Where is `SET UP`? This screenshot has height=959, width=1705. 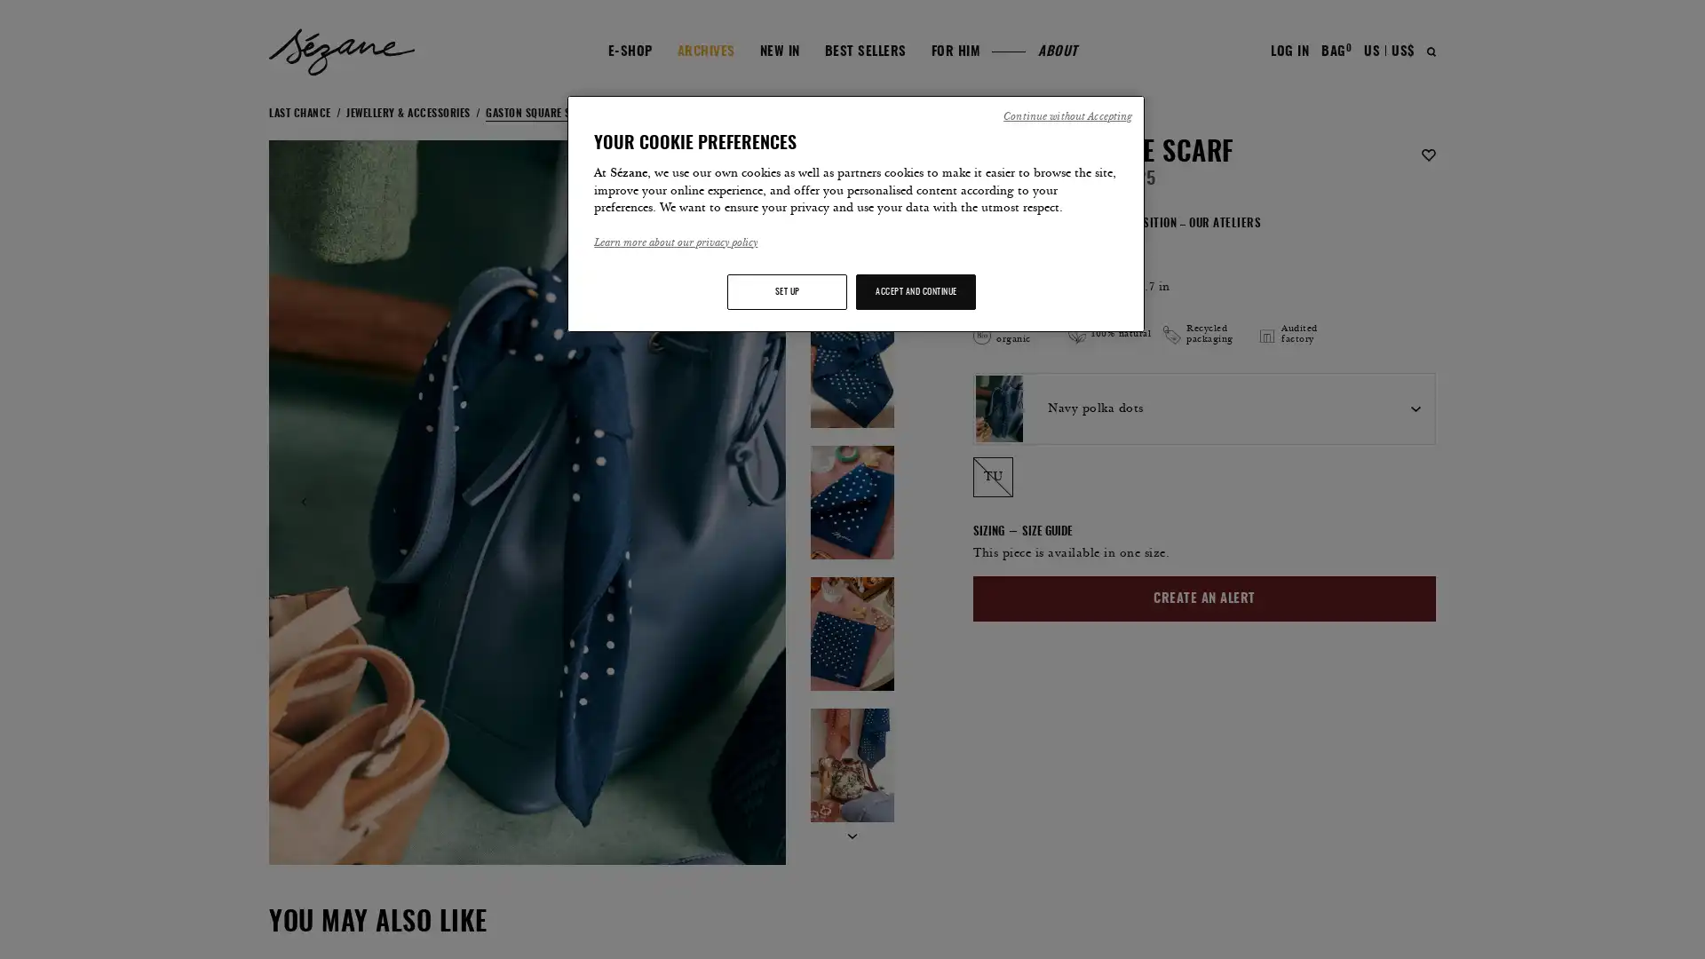 SET UP is located at coordinates (786, 289).